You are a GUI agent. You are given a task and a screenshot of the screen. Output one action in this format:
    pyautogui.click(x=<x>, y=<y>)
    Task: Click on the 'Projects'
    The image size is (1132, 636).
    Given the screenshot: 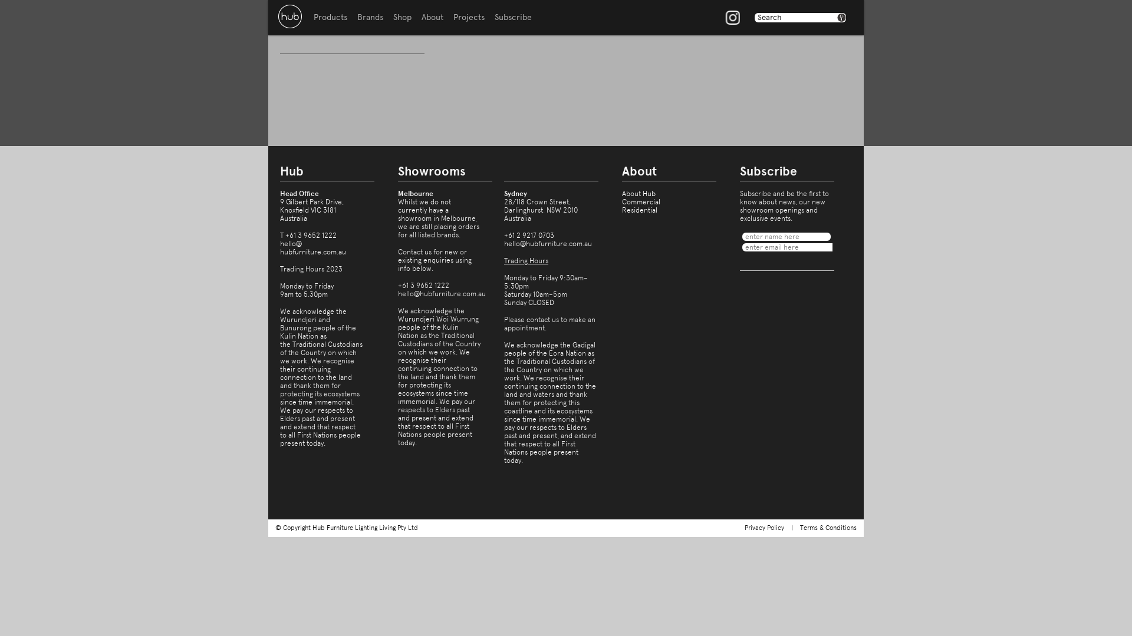 What is the action you would take?
    pyautogui.click(x=468, y=18)
    